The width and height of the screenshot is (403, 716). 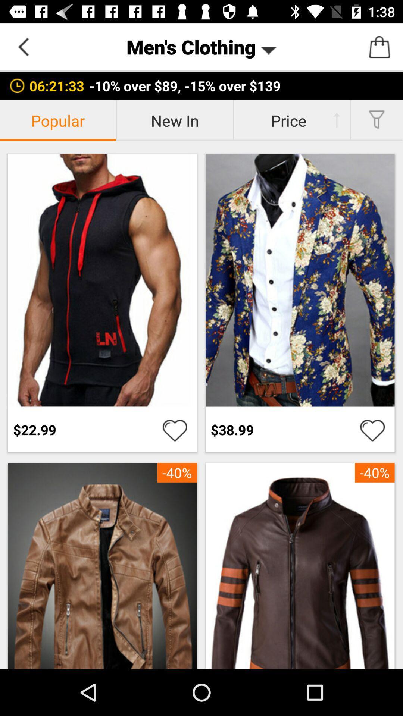 What do you see at coordinates (372, 430) in the screenshot?
I see `as favorite` at bounding box center [372, 430].